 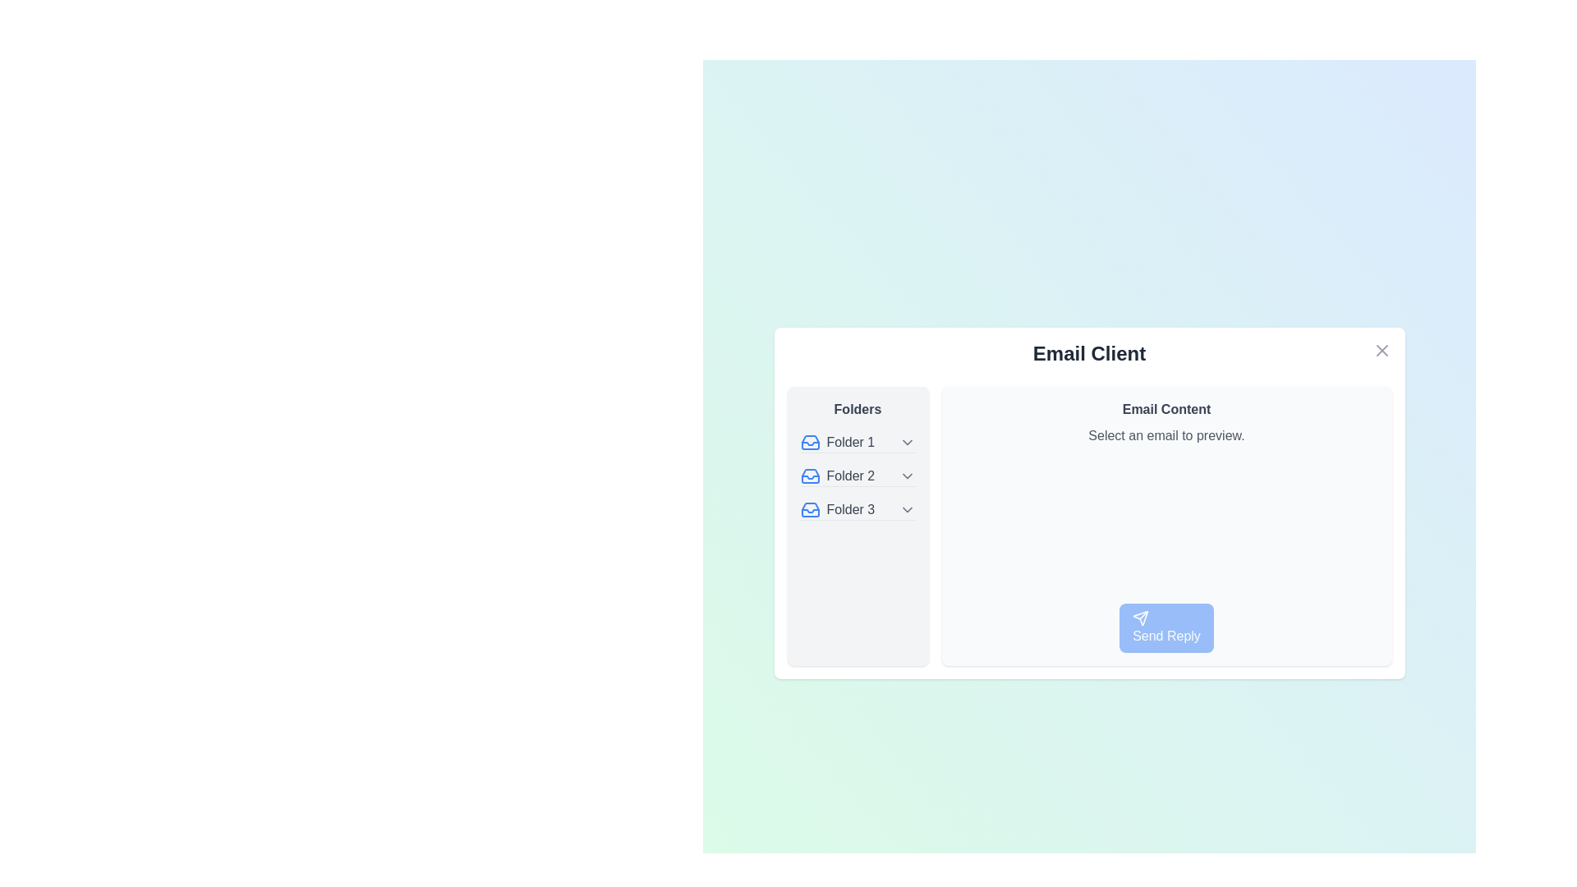 I want to click on the chevron icon, so click(x=906, y=476).